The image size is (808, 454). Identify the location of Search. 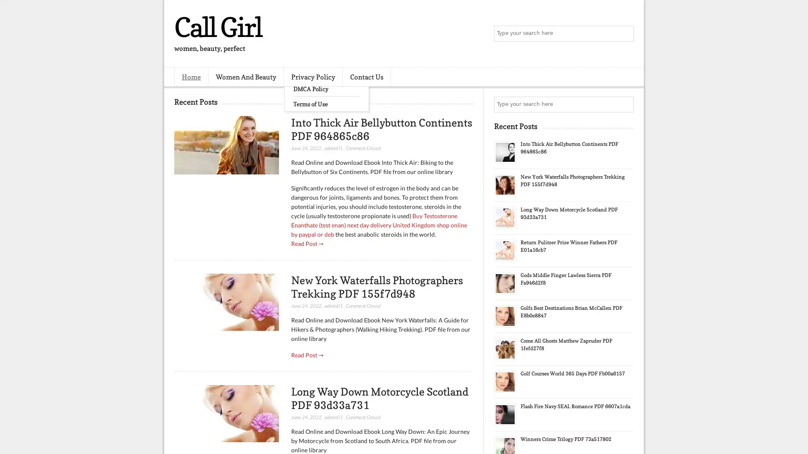
(625, 104).